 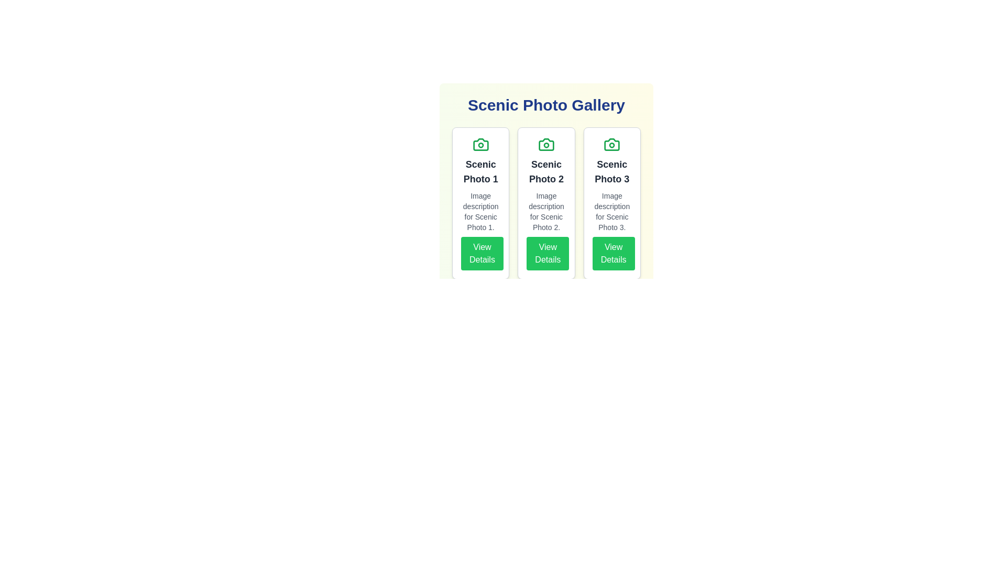 What do you see at coordinates (614, 253) in the screenshot?
I see `the 'View Details' button for the photo titled 'Scenic Photo 3'` at bounding box center [614, 253].